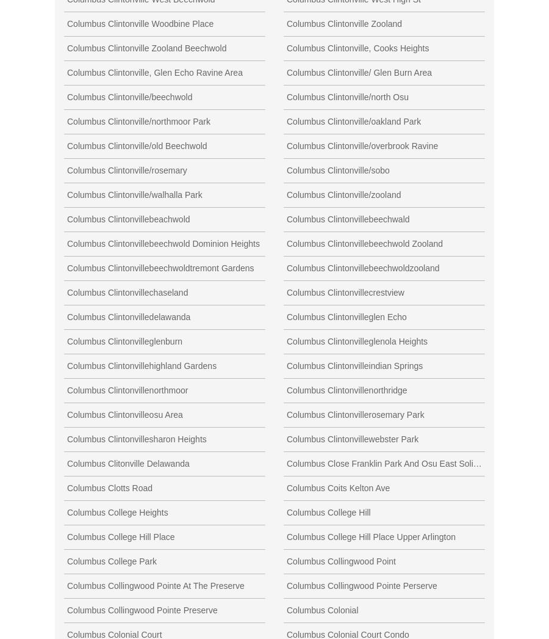 The image size is (549, 639). I want to click on 'Columbus Clintonville Zooland', so click(344, 22).